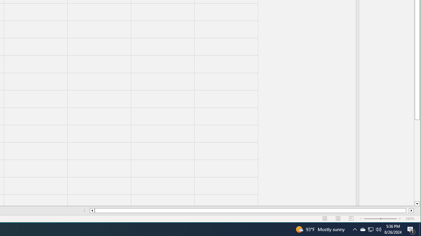 This screenshot has width=421, height=236. Describe the element at coordinates (371, 229) in the screenshot. I see `'Notification Chevron'` at that location.